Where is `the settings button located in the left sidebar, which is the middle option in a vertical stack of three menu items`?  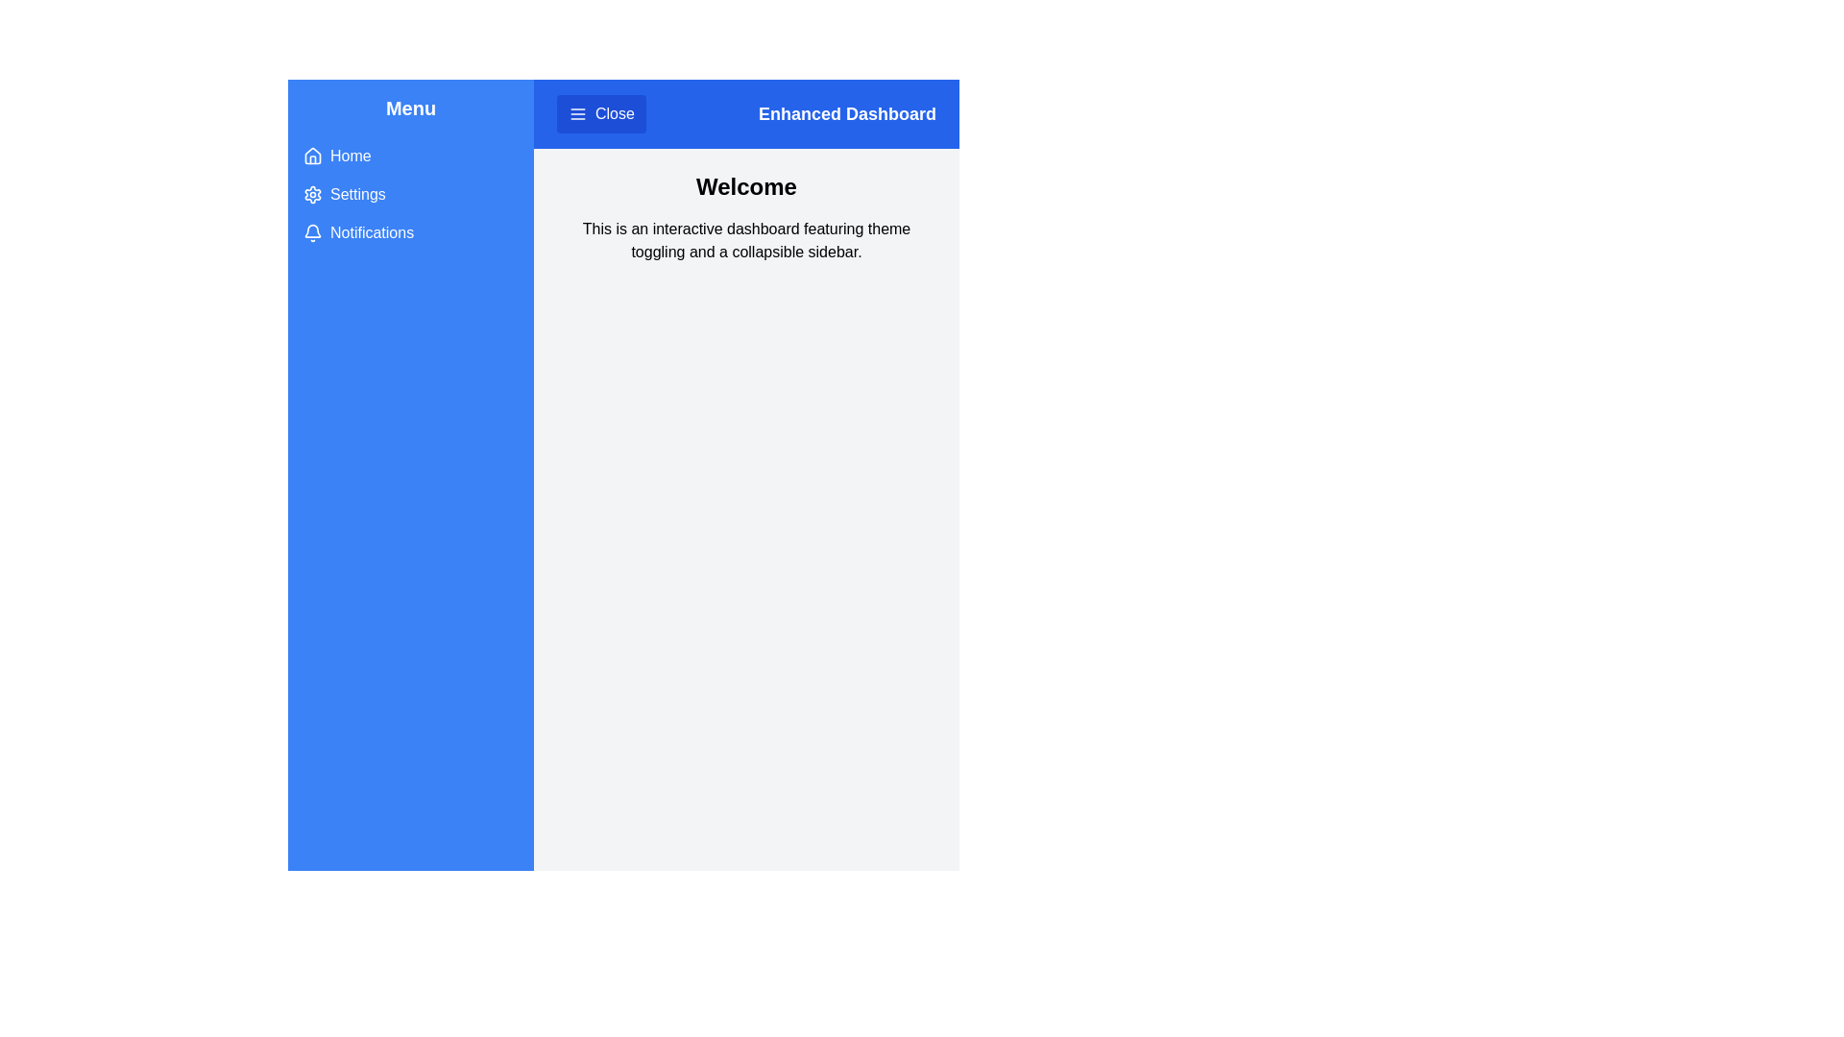 the settings button located in the left sidebar, which is the middle option in a vertical stack of three menu items is located at coordinates (409, 195).